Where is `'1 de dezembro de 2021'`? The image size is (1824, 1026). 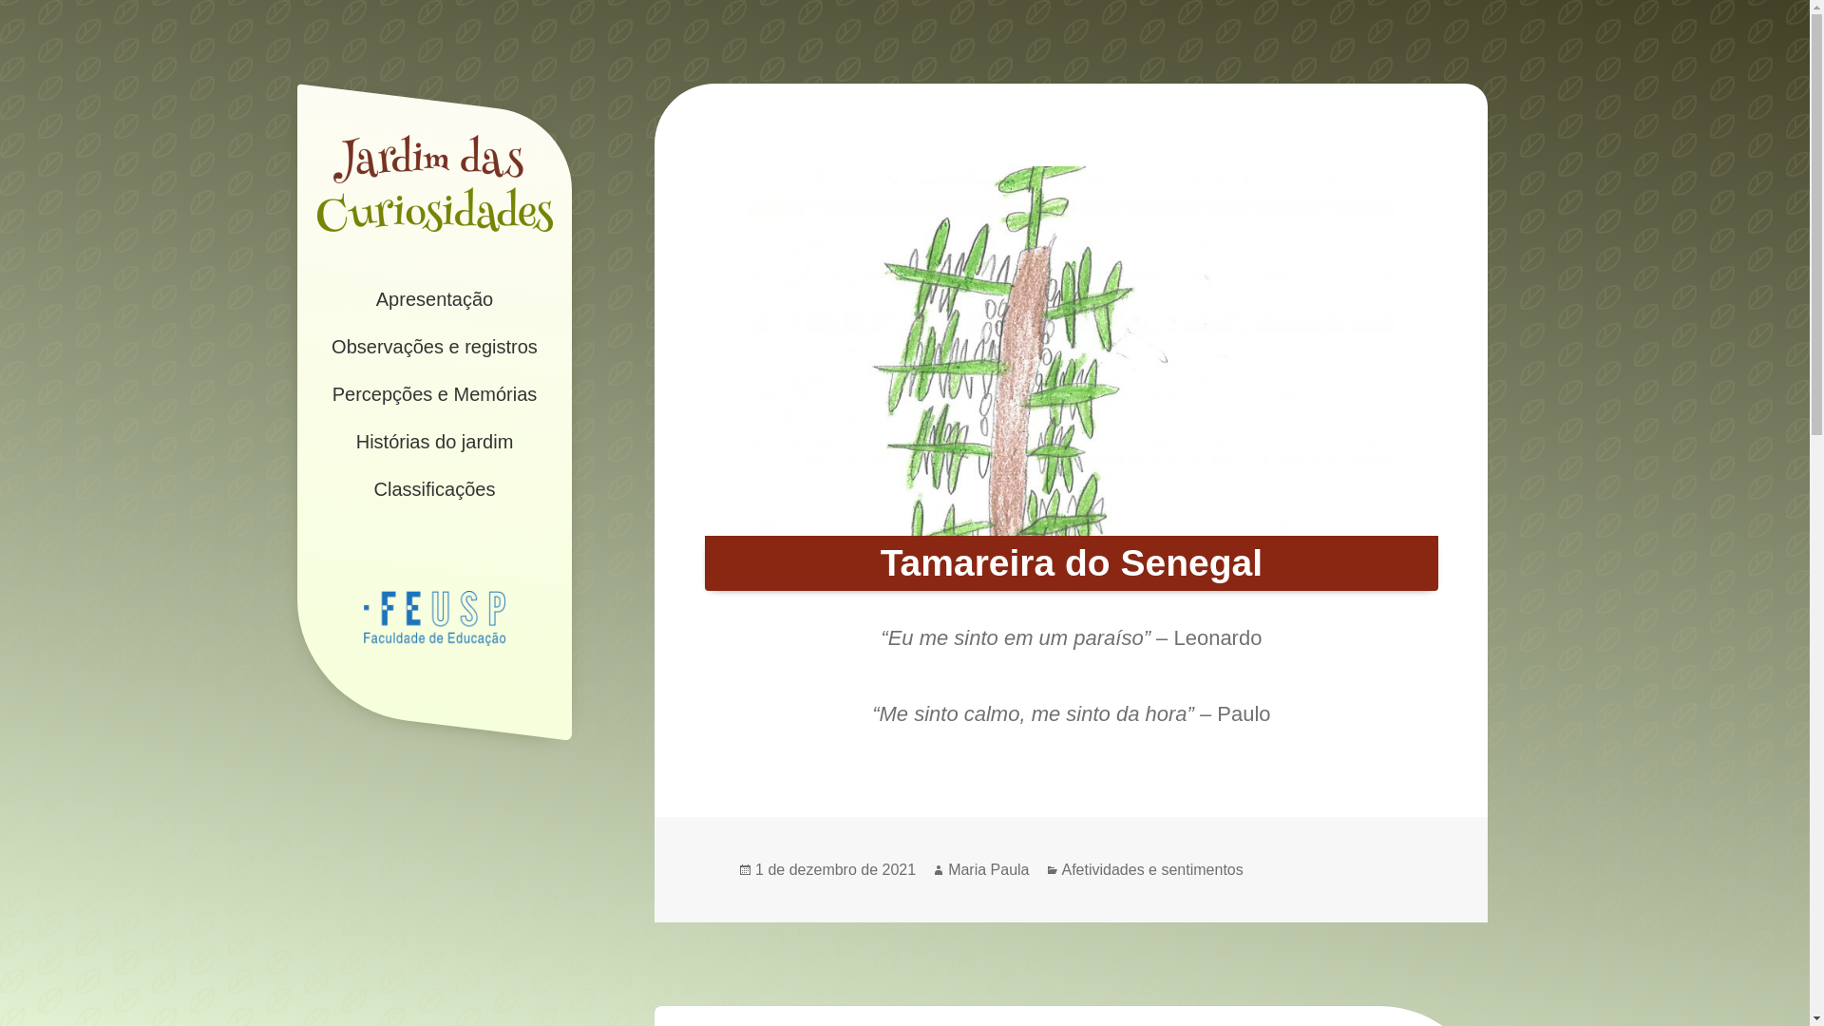 '1 de dezembro de 2021' is located at coordinates (835, 869).